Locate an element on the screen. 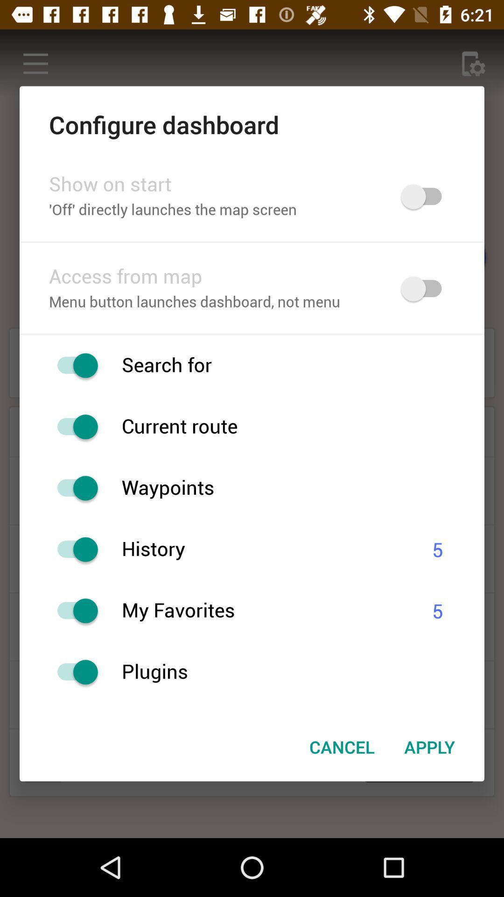 The height and width of the screenshot is (897, 504). the icon above the history icon is located at coordinates (303, 488).